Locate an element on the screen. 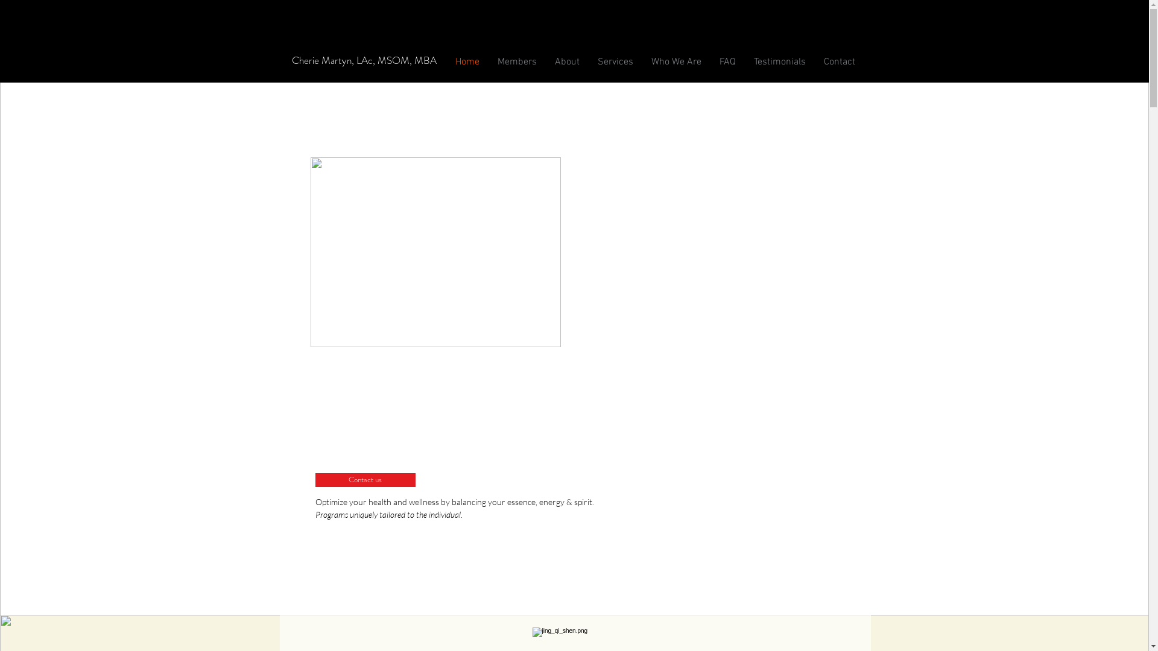 This screenshot has height=651, width=1158. 'Who We Are' is located at coordinates (675, 62).